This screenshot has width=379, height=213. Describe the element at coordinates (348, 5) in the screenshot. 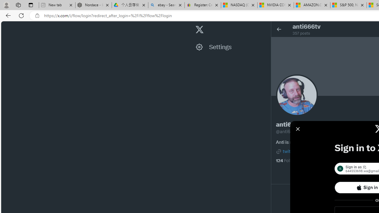

I see `'S&P 500, Nasdaq end lower, weighed by Nvidia dip | Watch'` at that location.